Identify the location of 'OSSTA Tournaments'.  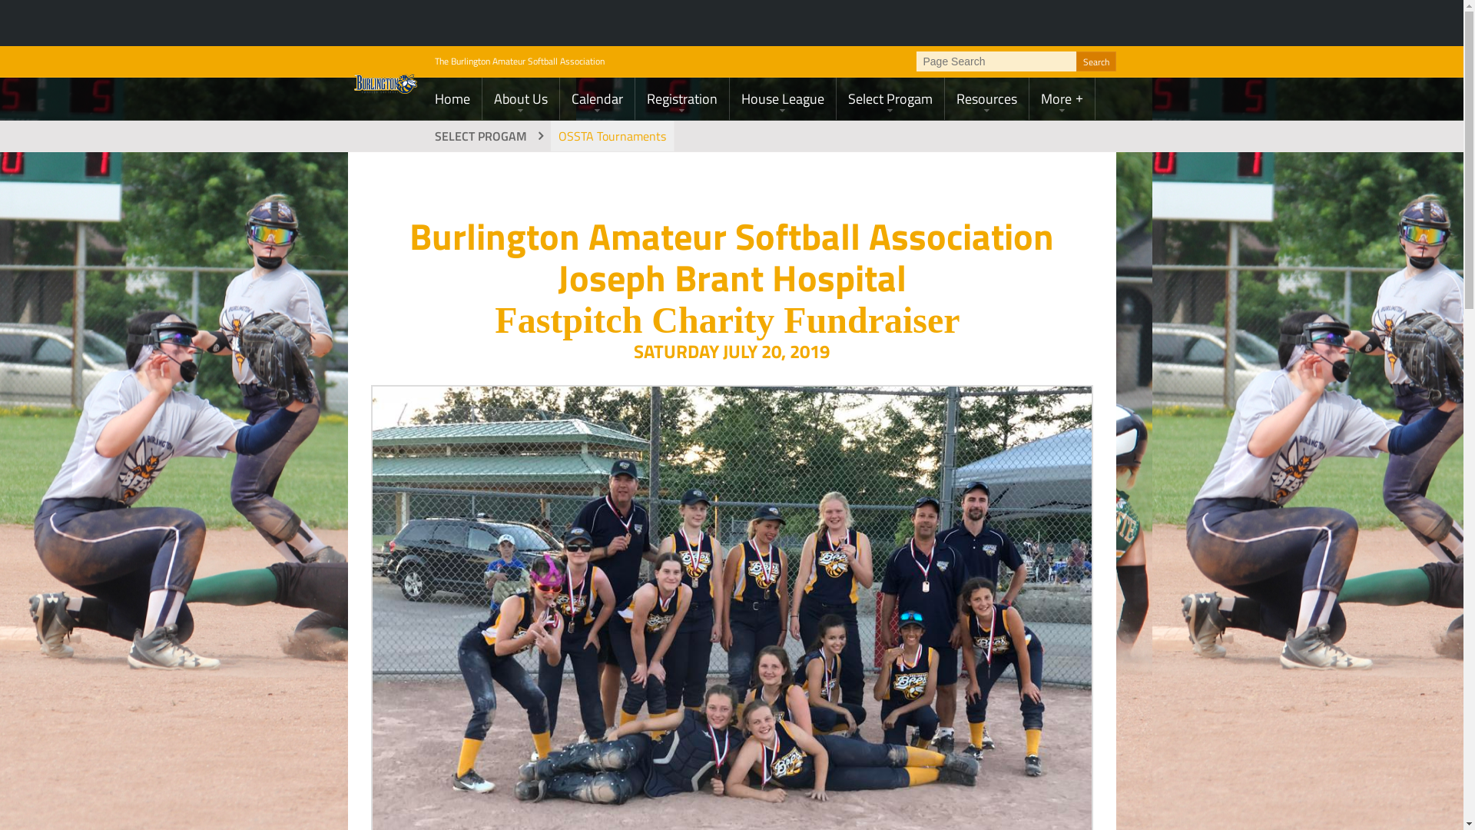
(550, 135).